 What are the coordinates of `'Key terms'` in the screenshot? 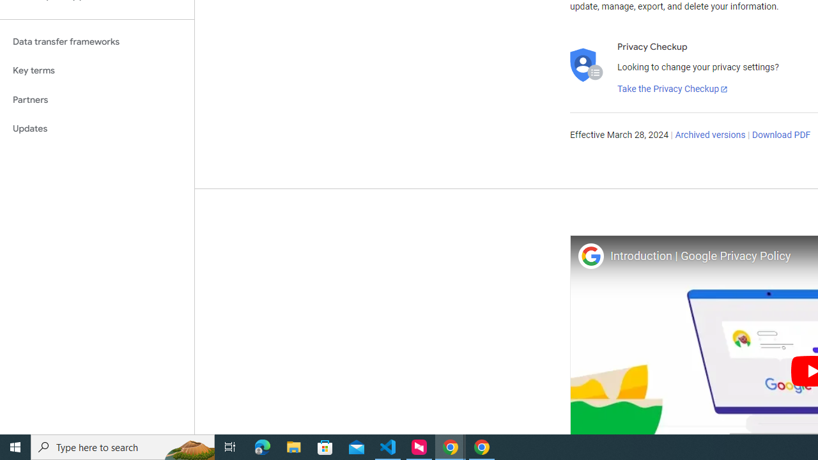 It's located at (96, 70).